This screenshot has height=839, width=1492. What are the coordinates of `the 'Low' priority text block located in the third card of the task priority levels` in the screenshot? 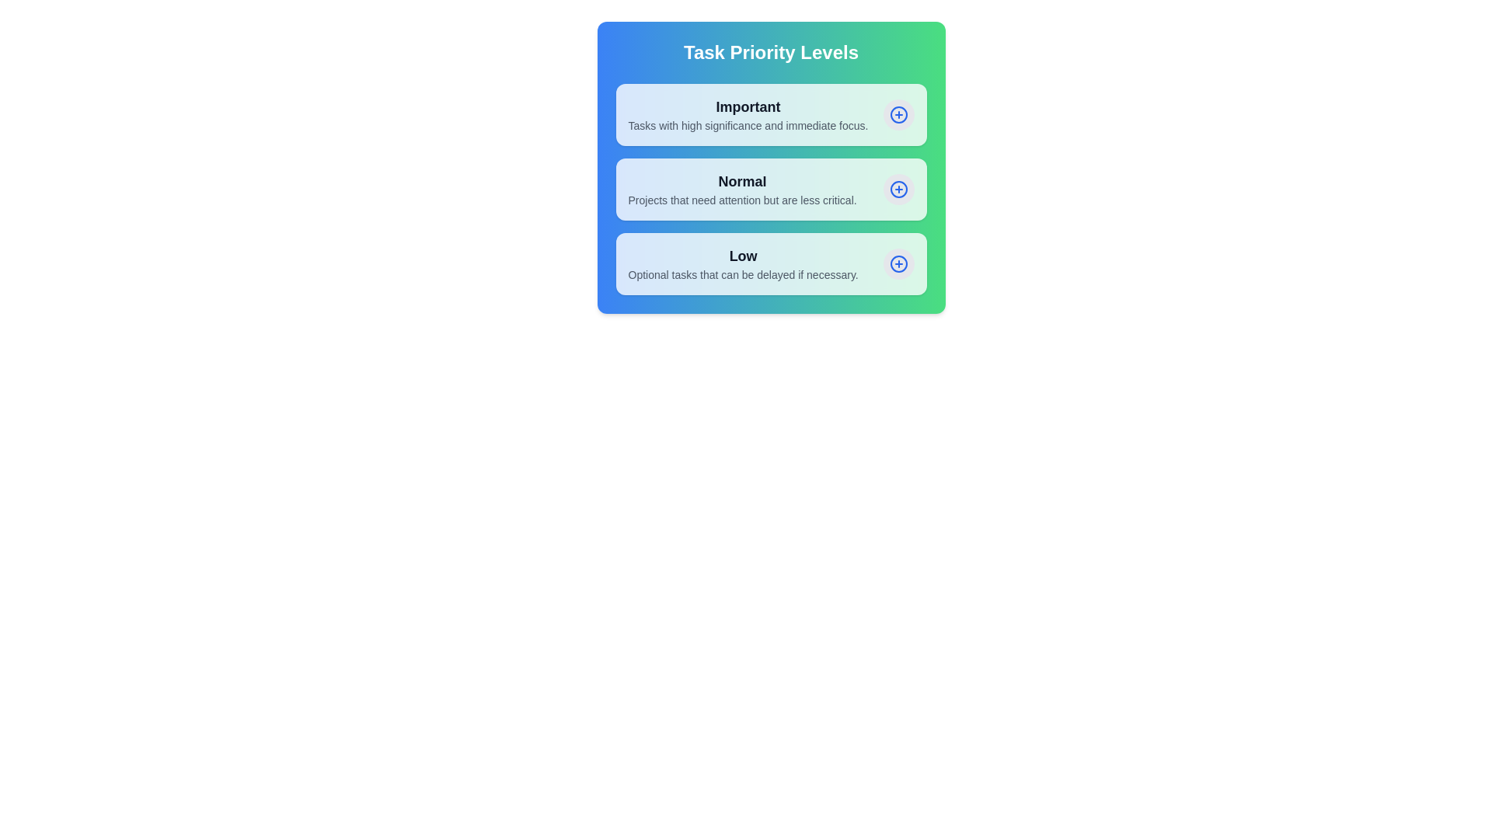 It's located at (742, 263).